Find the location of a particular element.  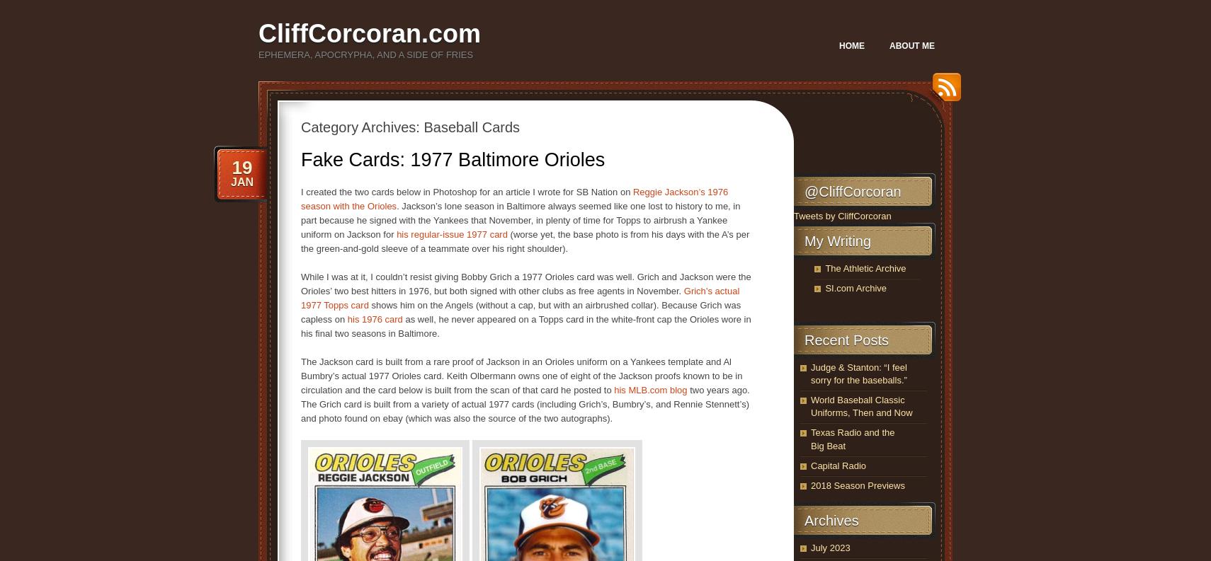

'(worse yet, the base photo is from his days with the A’s per the green-and-gold sleeve of a teammate over his right shoulder).' is located at coordinates (525, 241).